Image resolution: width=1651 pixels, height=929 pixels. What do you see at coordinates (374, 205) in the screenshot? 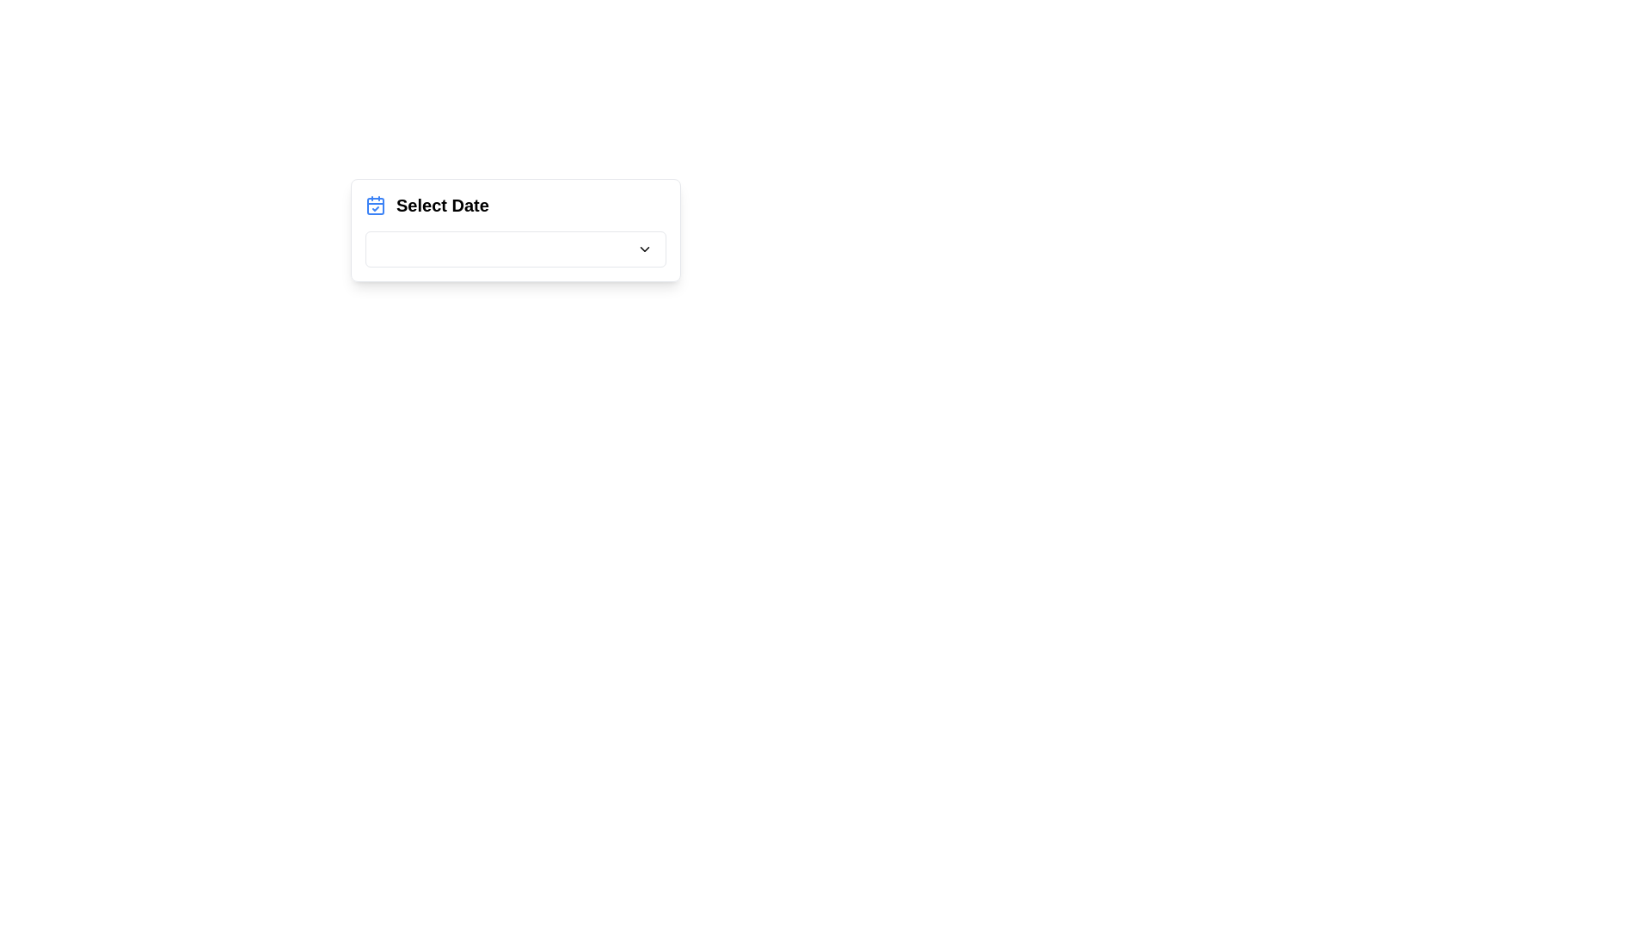
I see `the decorative calendar icon located to the left of the 'Select Date' label` at bounding box center [374, 205].